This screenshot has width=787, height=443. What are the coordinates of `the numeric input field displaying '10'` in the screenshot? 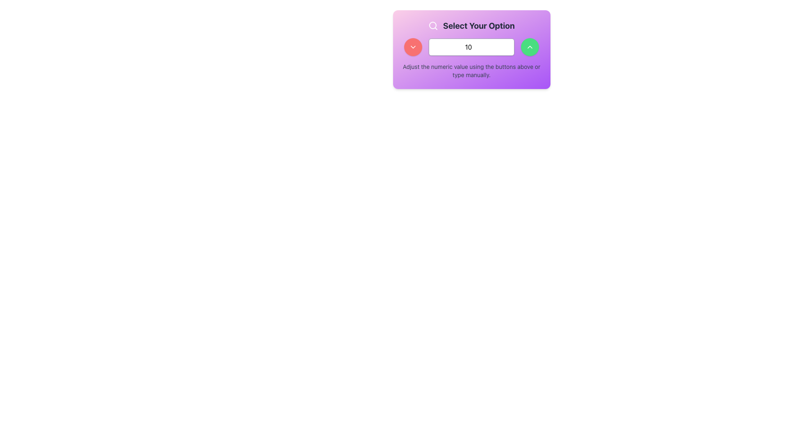 It's located at (471, 49).